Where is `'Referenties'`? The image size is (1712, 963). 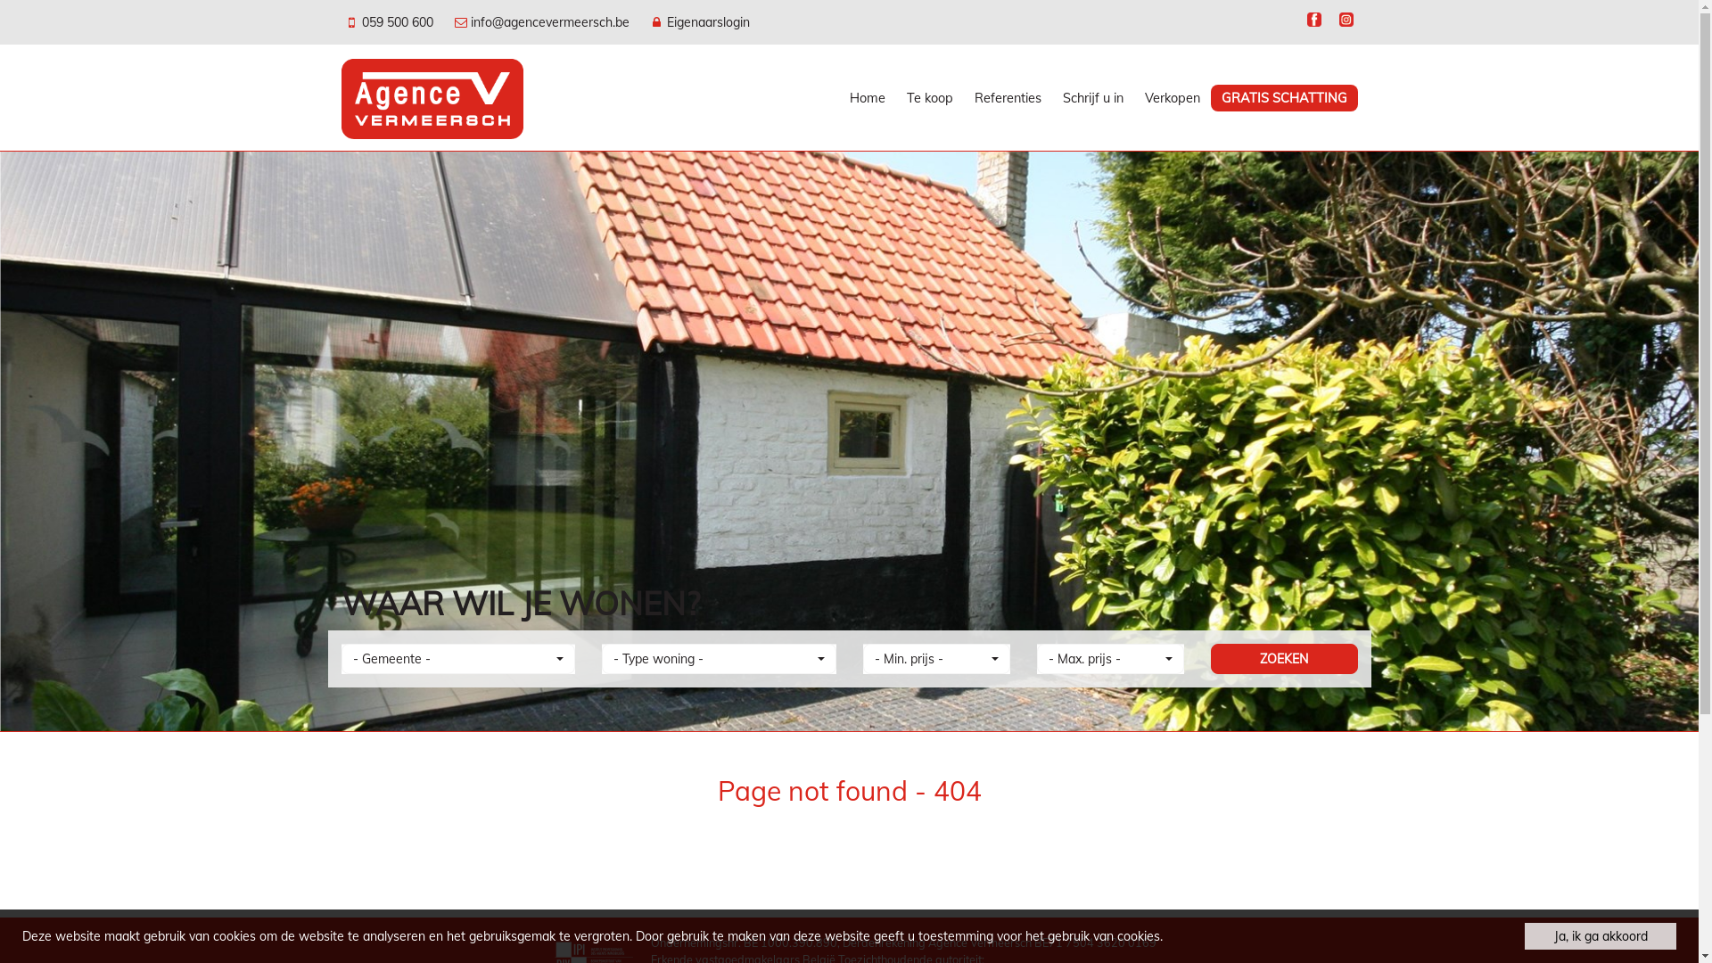
'Referenties' is located at coordinates (962, 98).